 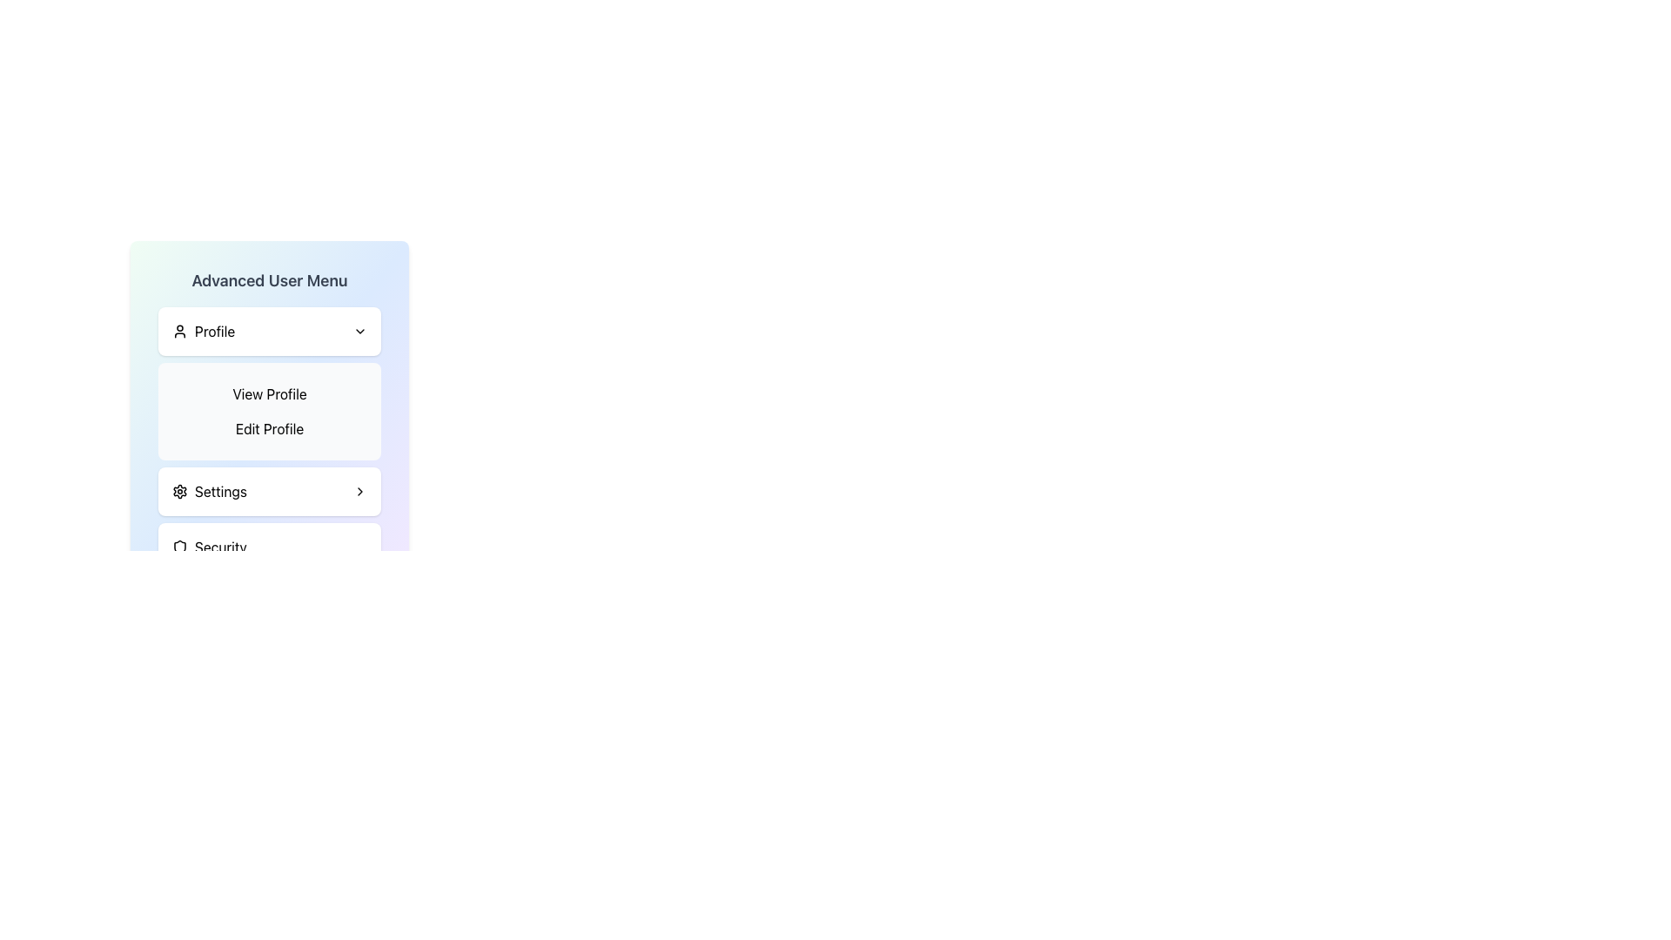 I want to click on the chevron icon located to the right of the 'Profile' text in the Advanced User Menu panel, so click(x=359, y=332).